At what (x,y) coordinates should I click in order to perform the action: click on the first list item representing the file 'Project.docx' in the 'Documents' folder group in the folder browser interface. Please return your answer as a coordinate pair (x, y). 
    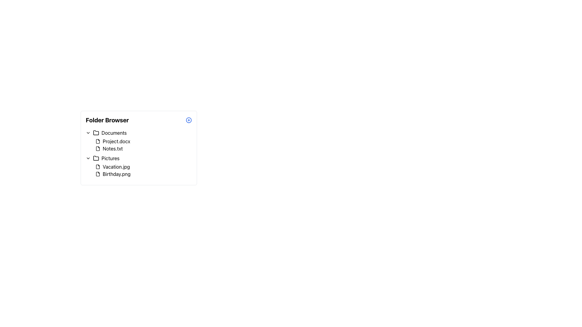
    Looking at the image, I should click on (142, 141).